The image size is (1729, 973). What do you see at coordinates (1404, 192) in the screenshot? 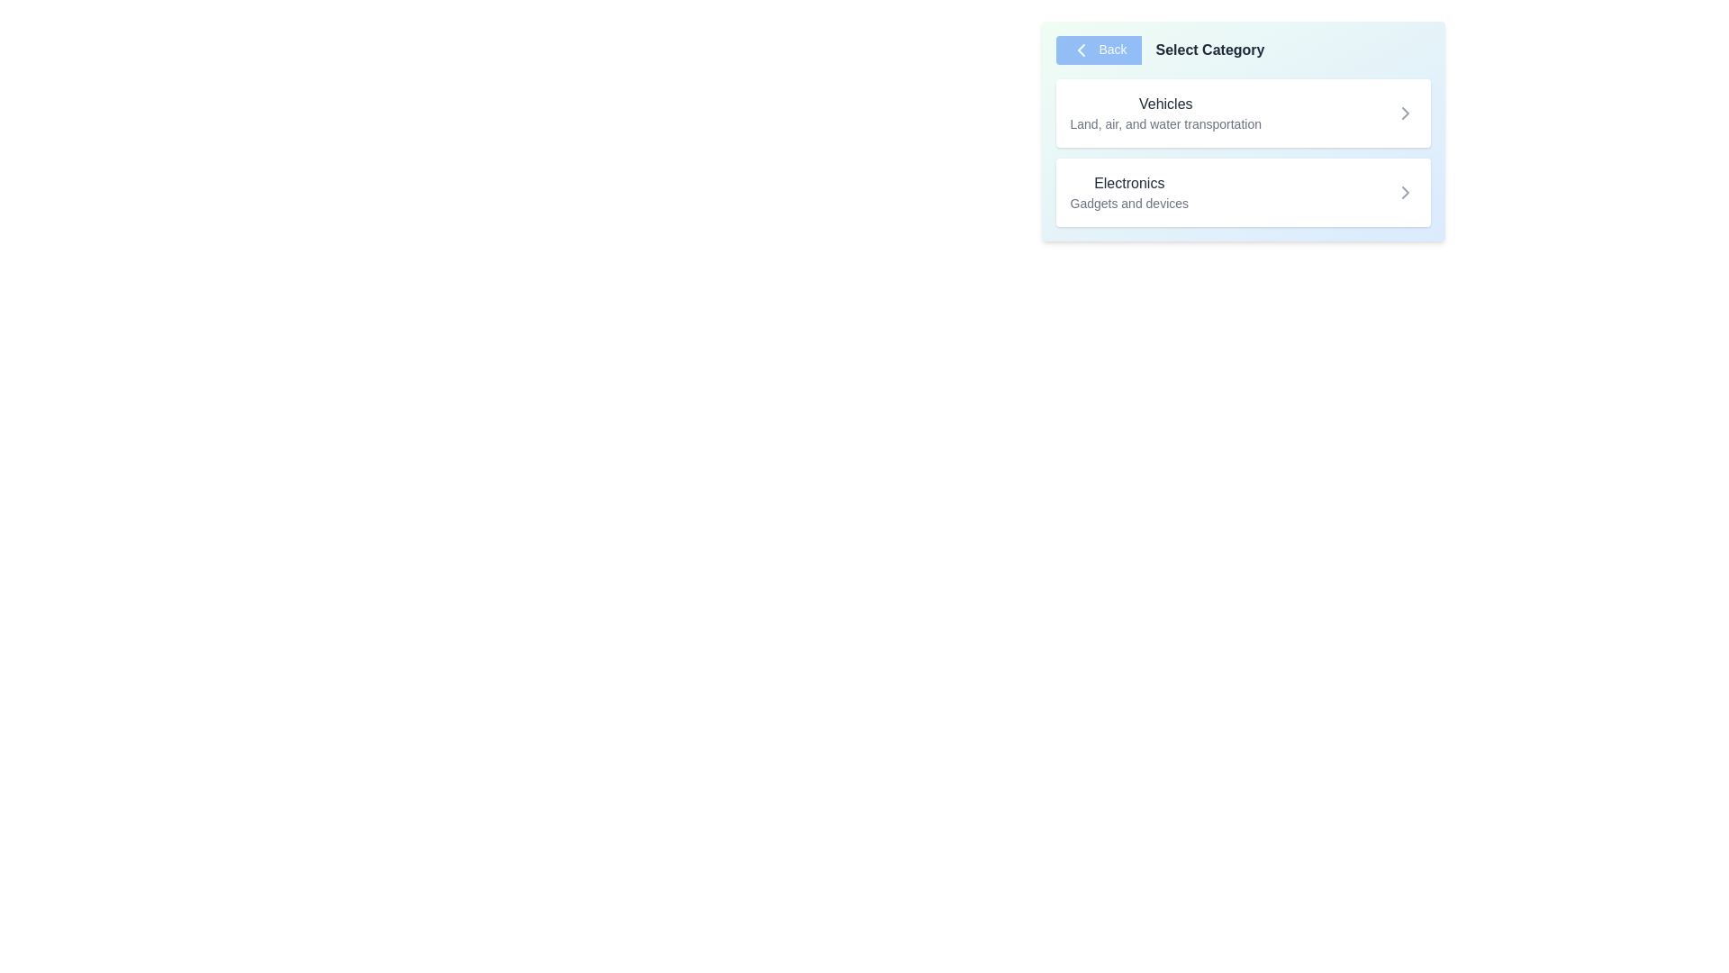
I see `the interactive icon located to the far right of the 'Electronics' category entry, which signifies an option` at bounding box center [1404, 192].